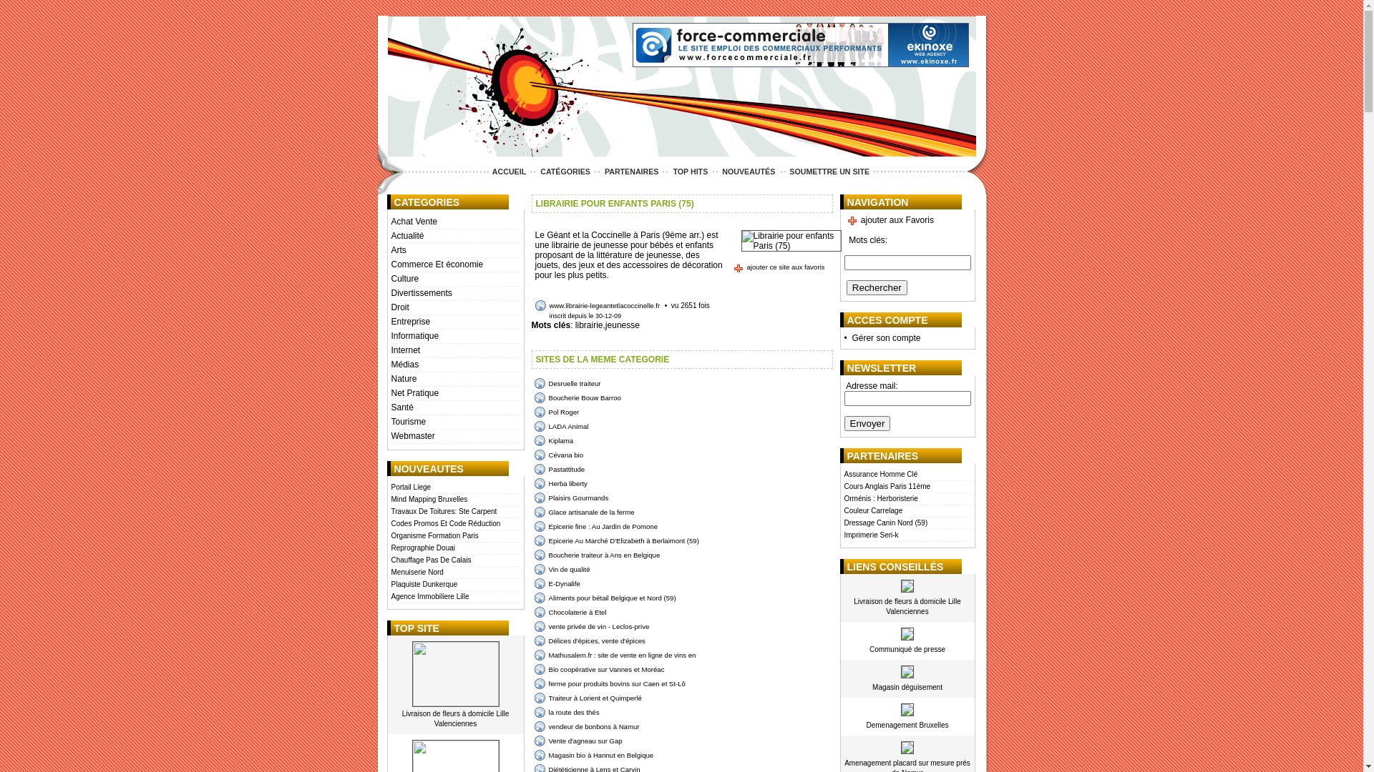 The width and height of the screenshot is (1374, 772). What do you see at coordinates (577, 397) in the screenshot?
I see `'Boucherie Bouw Barroo'` at bounding box center [577, 397].